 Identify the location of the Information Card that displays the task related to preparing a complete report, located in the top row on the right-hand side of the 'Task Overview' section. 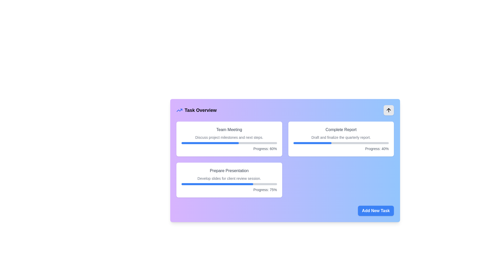
(341, 139).